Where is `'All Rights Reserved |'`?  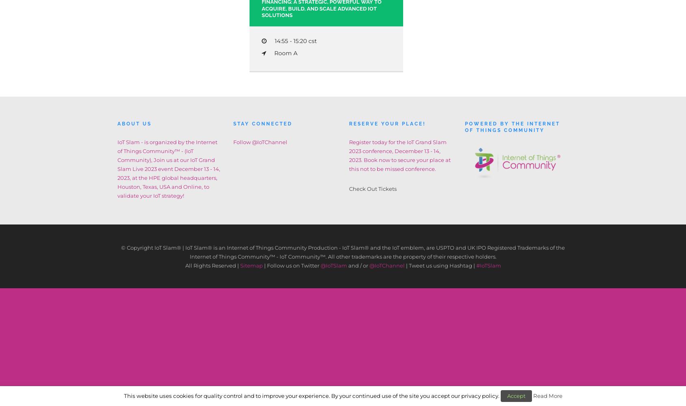
'All Rights Reserved |' is located at coordinates (212, 266).